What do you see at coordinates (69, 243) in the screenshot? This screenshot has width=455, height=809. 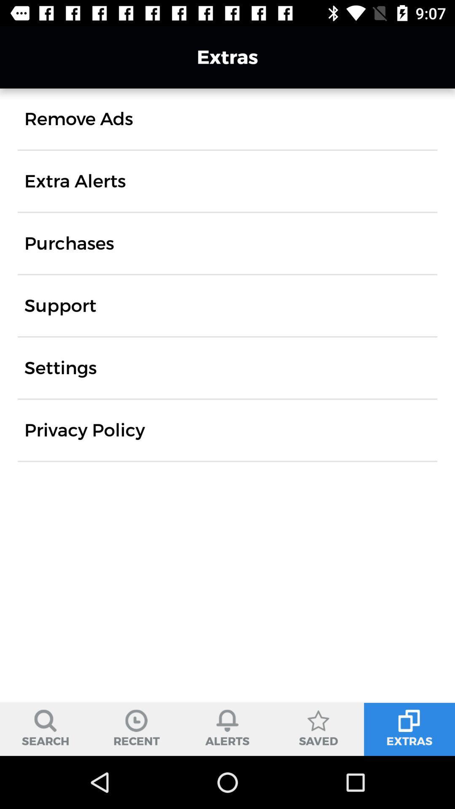 I see `the purchases` at bounding box center [69, 243].